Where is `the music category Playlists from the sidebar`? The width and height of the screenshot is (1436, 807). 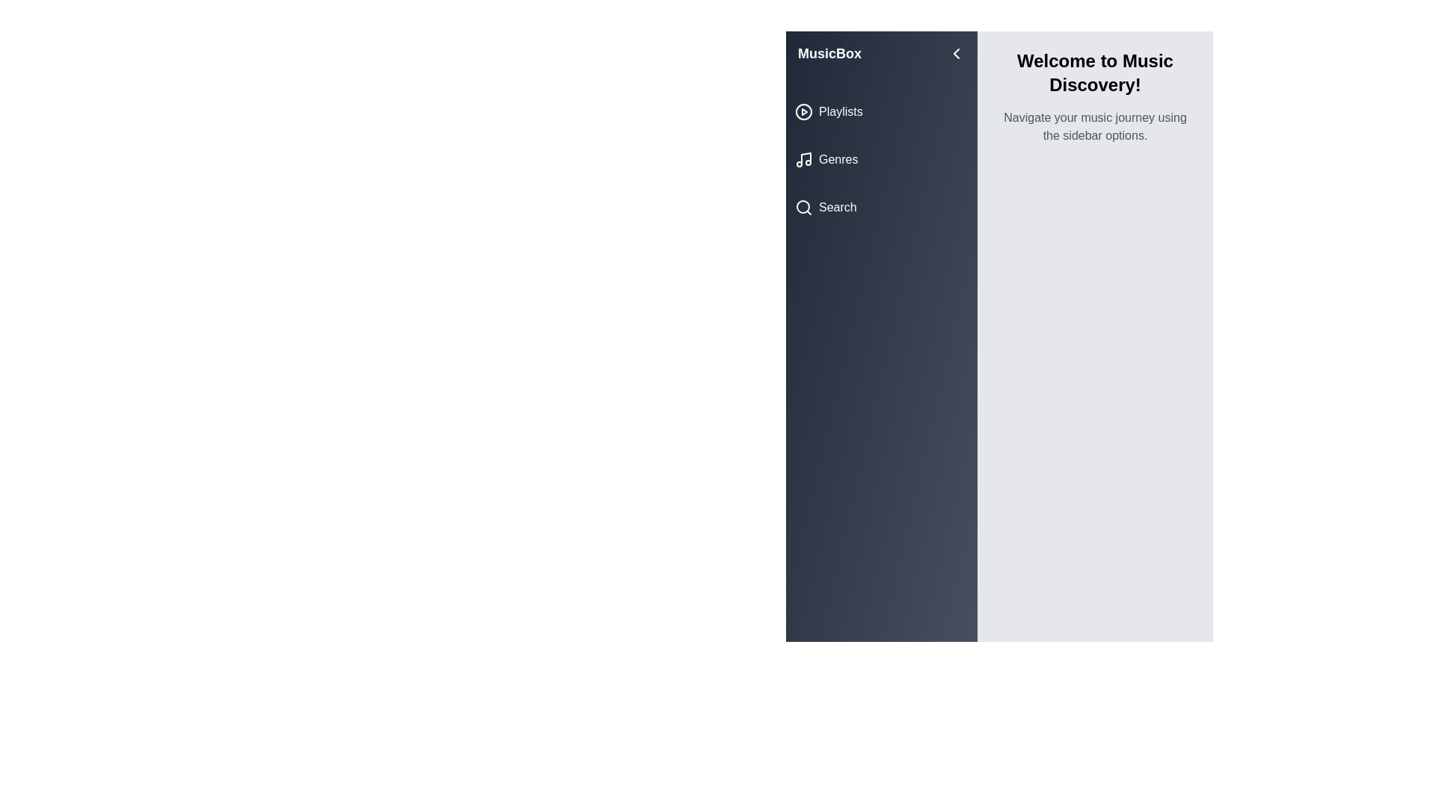
the music category Playlists from the sidebar is located at coordinates (882, 111).